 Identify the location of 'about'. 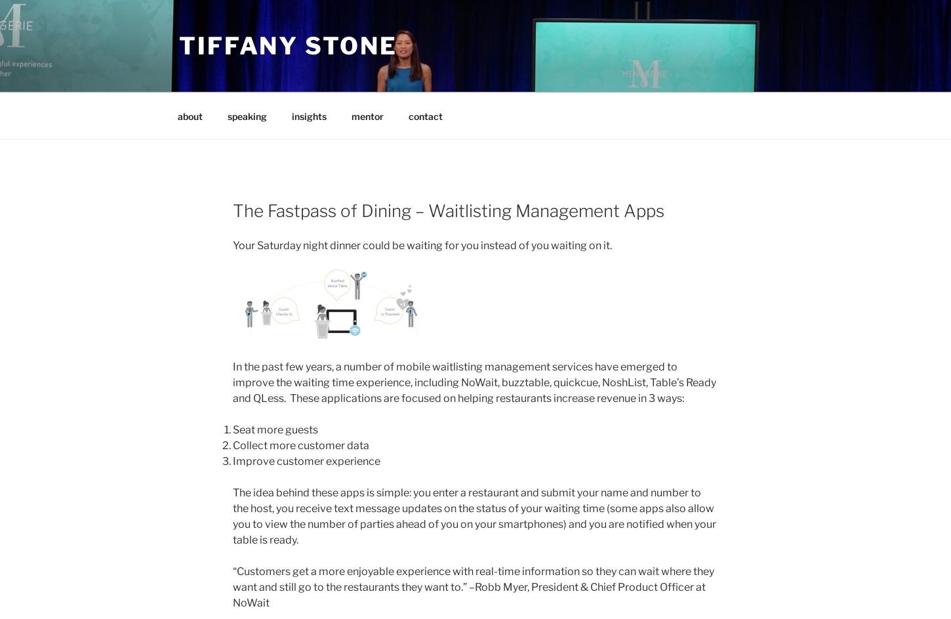
(189, 115).